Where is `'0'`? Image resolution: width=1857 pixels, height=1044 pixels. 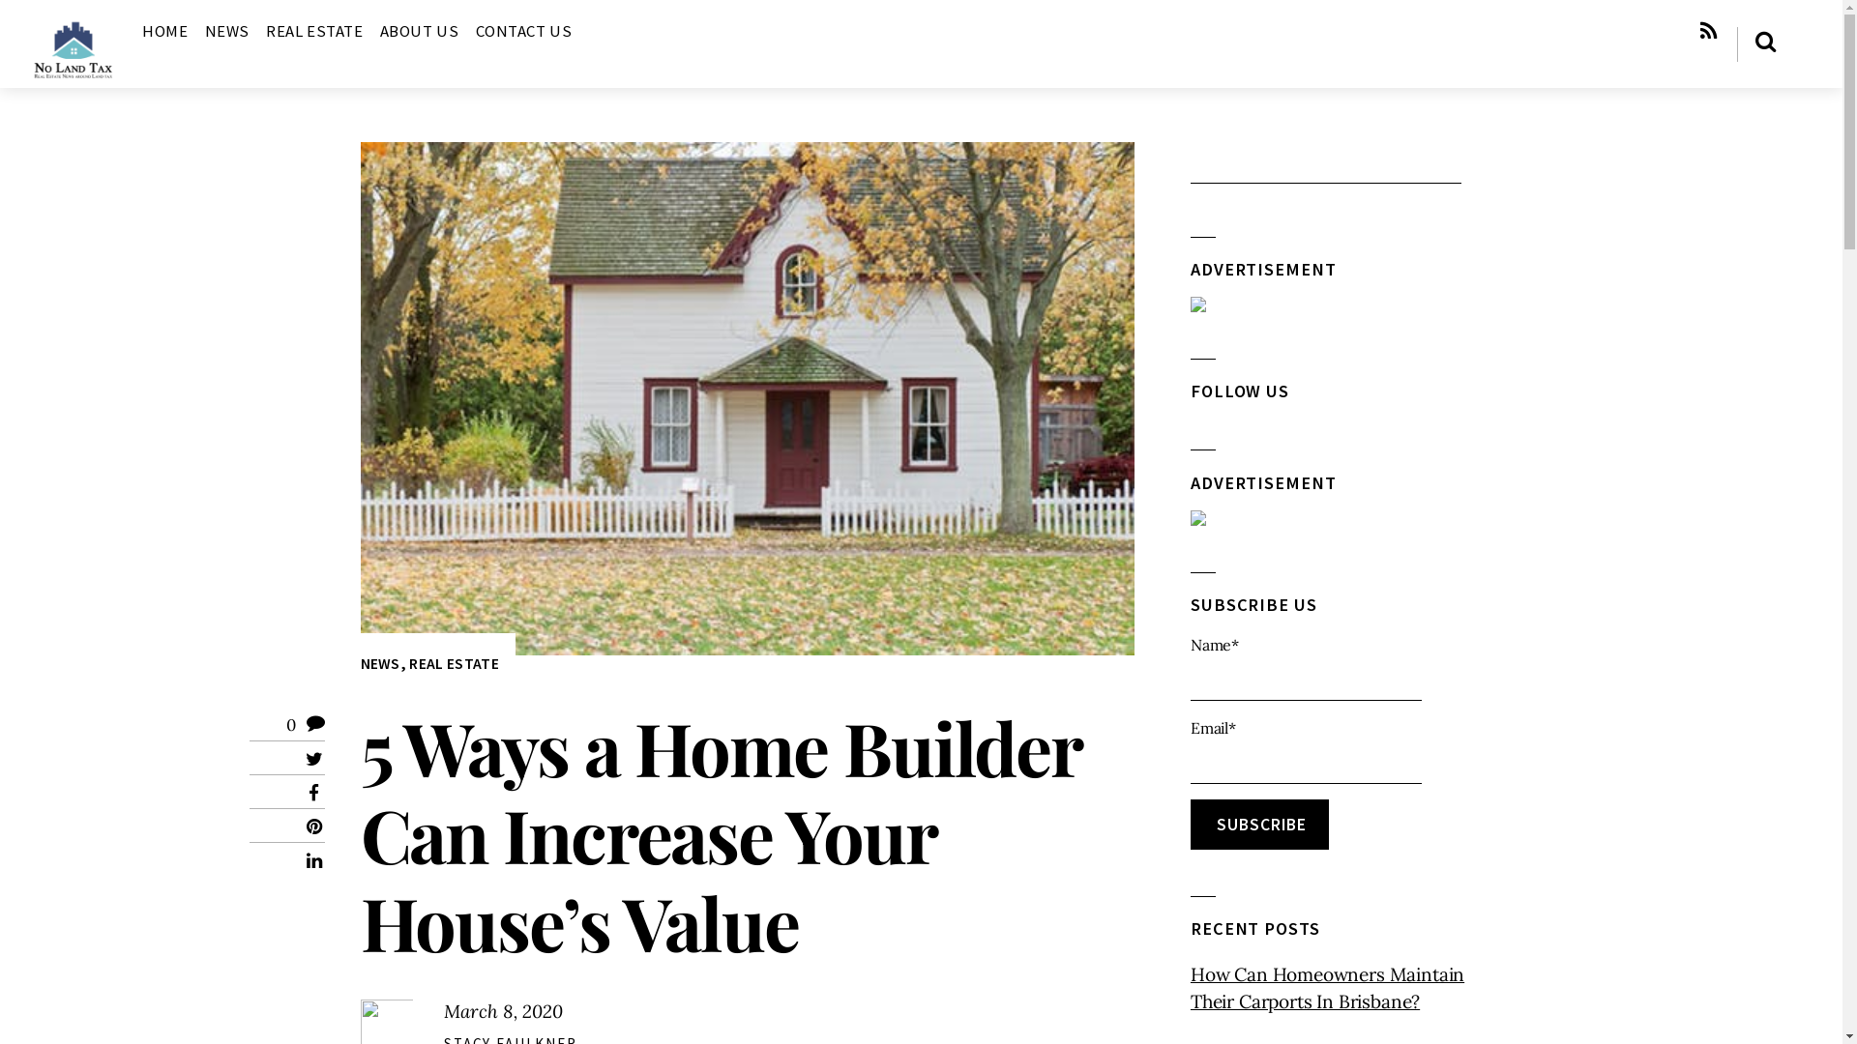 '0' is located at coordinates (290, 724).